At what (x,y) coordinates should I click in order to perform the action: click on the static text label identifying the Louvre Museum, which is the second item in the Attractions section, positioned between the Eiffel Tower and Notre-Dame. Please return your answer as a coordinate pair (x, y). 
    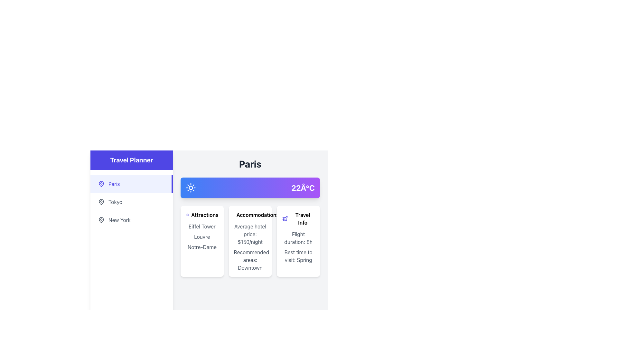
    Looking at the image, I should click on (201, 237).